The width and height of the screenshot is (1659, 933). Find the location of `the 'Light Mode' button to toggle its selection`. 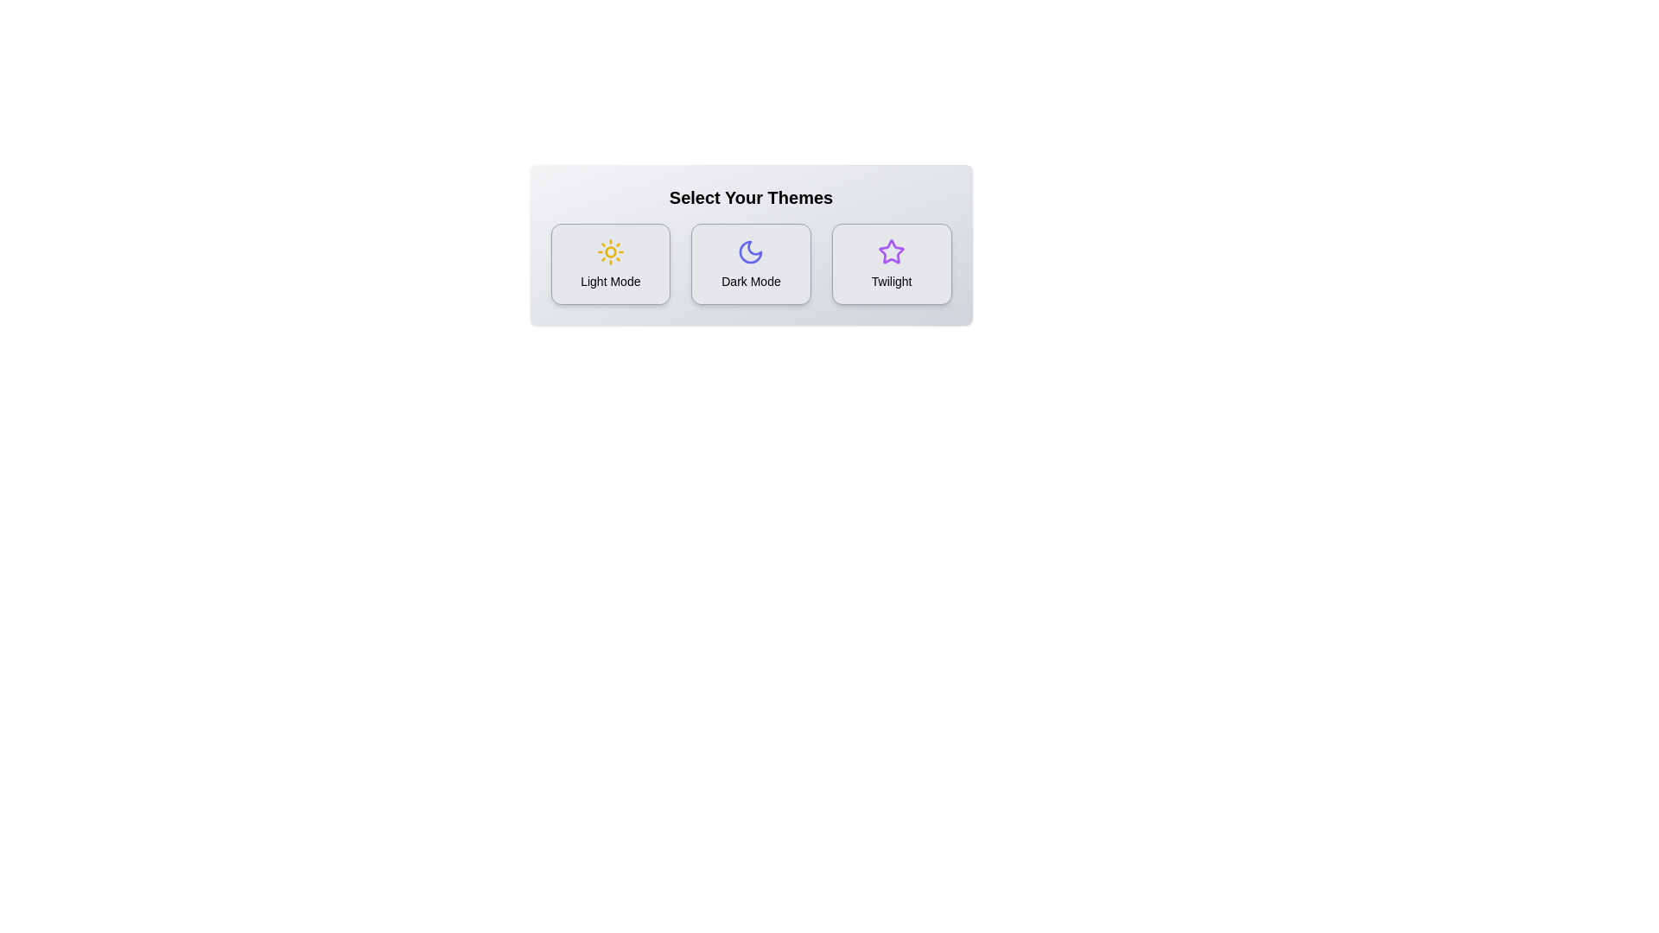

the 'Light Mode' button to toggle its selection is located at coordinates (610, 263).